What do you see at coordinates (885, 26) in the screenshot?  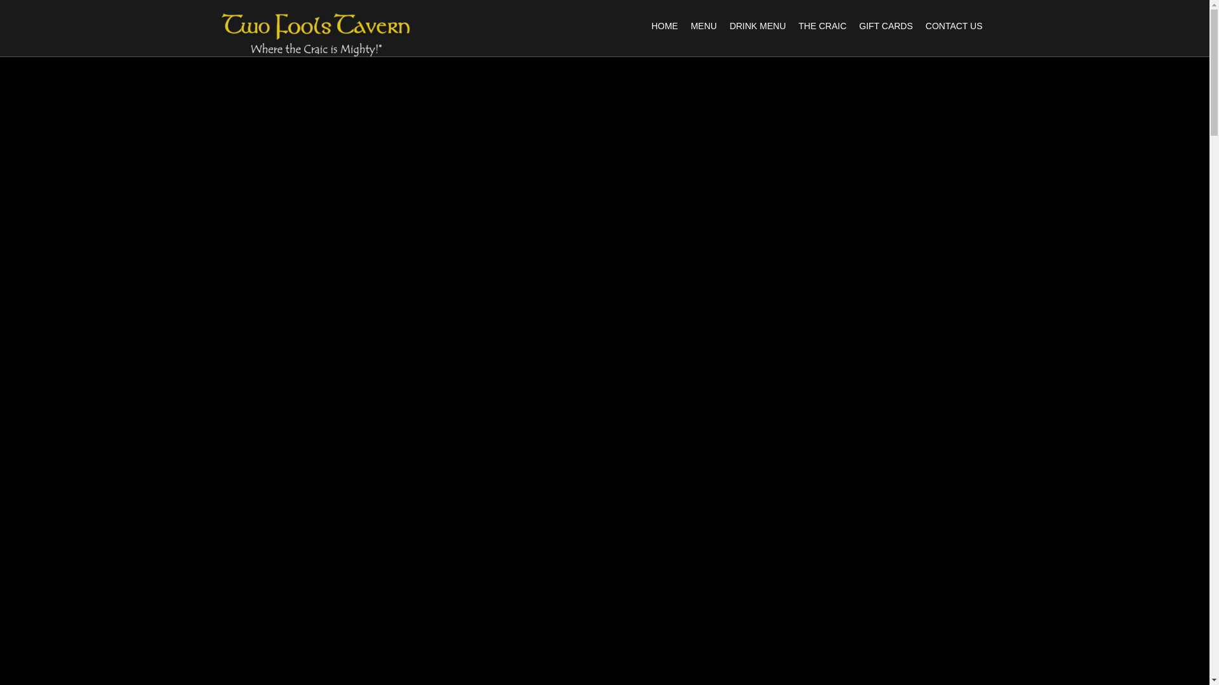 I see `'GIFT CARDS'` at bounding box center [885, 26].